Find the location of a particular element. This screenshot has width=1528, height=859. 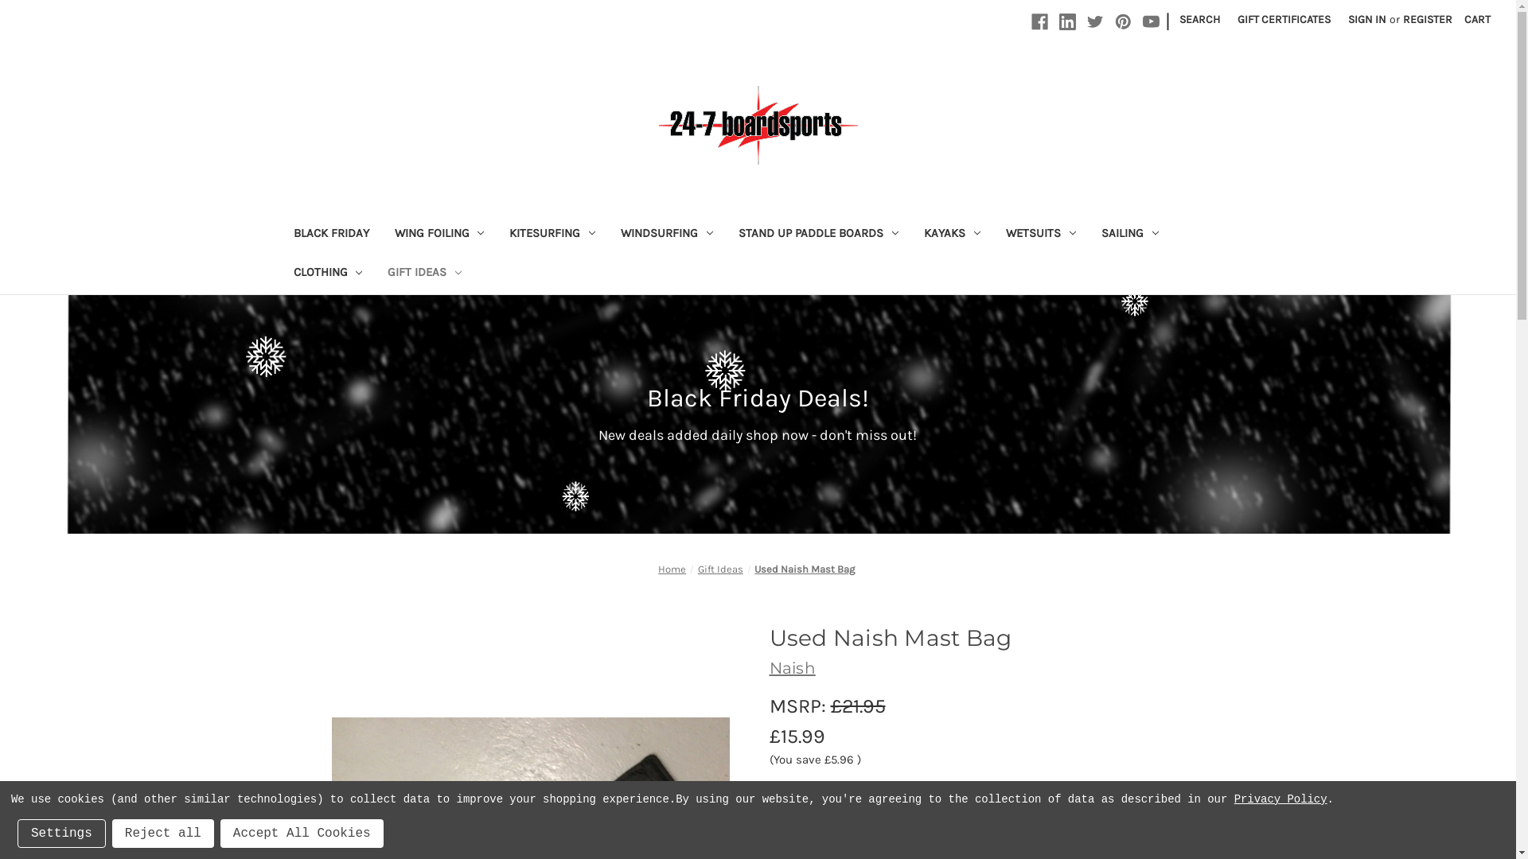

'Twitter' is located at coordinates (1094, 21).